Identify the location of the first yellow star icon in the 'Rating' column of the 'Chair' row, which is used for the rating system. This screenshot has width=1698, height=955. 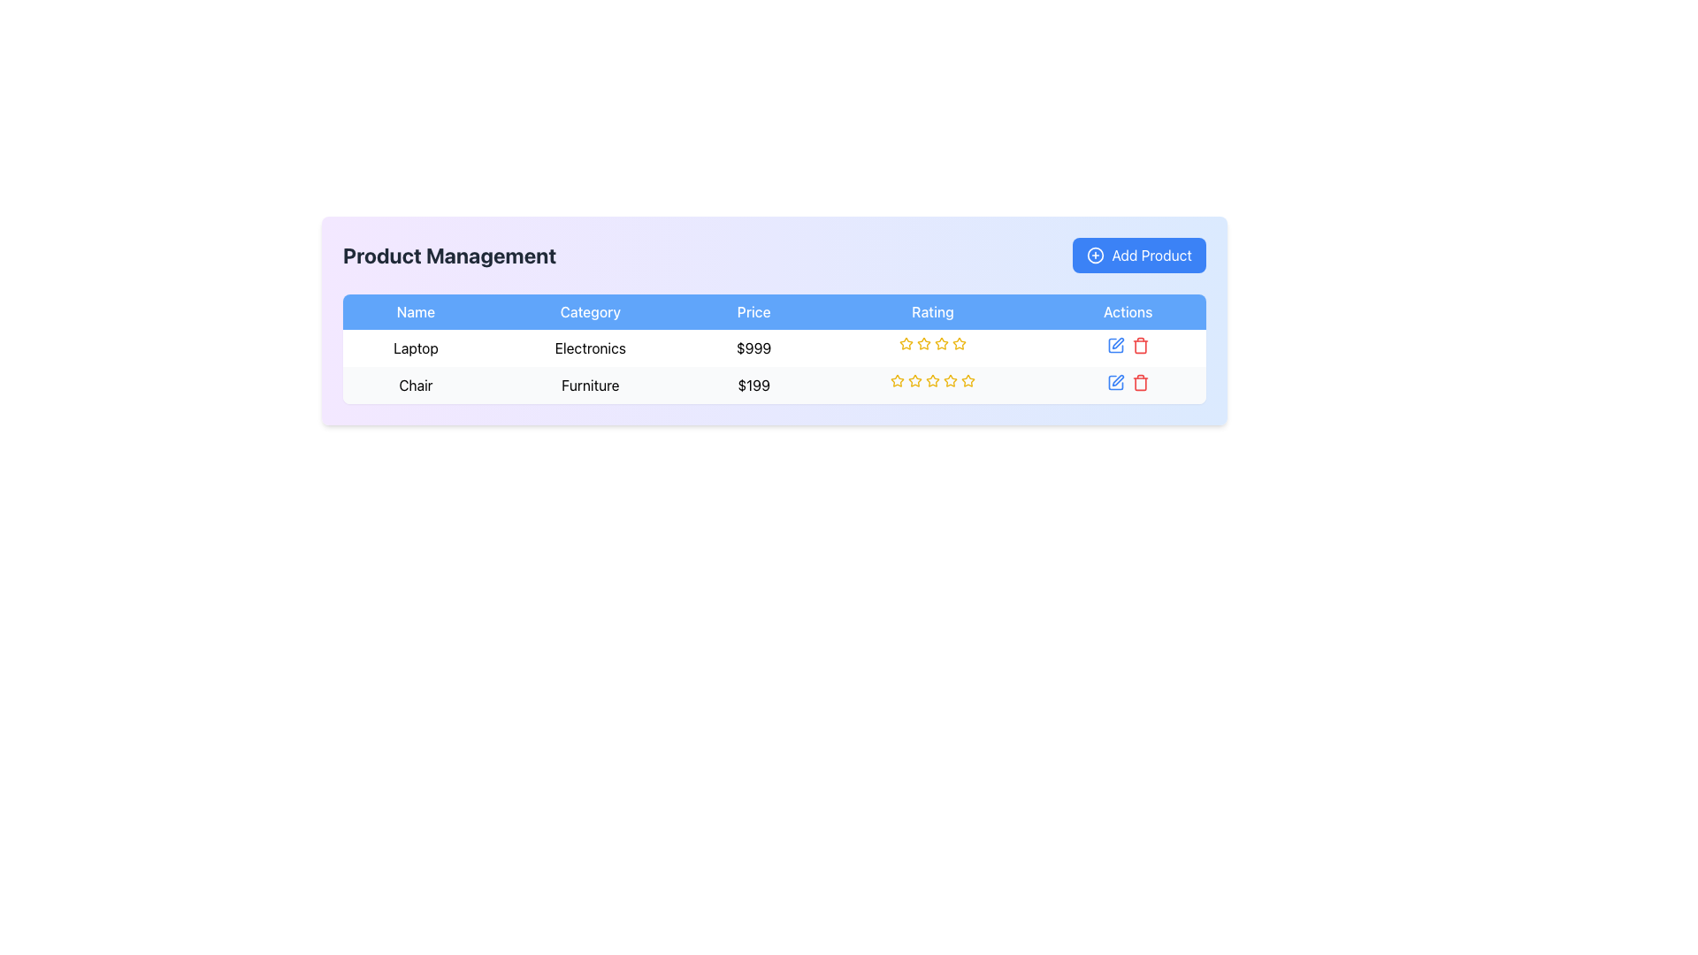
(897, 379).